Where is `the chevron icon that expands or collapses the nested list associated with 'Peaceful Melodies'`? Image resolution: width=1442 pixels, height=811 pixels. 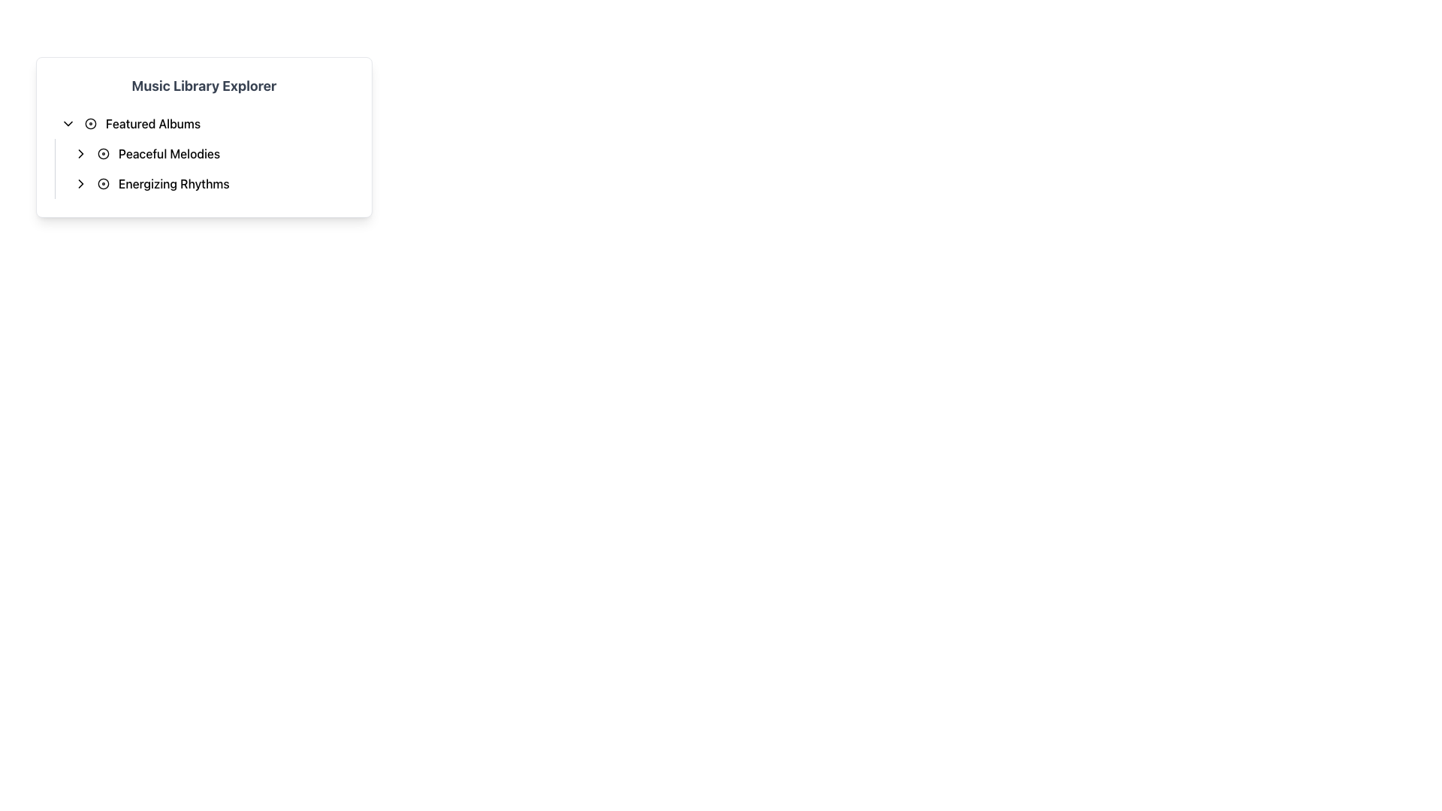
the chevron icon that expands or collapses the nested list associated with 'Peaceful Melodies' is located at coordinates (80, 153).